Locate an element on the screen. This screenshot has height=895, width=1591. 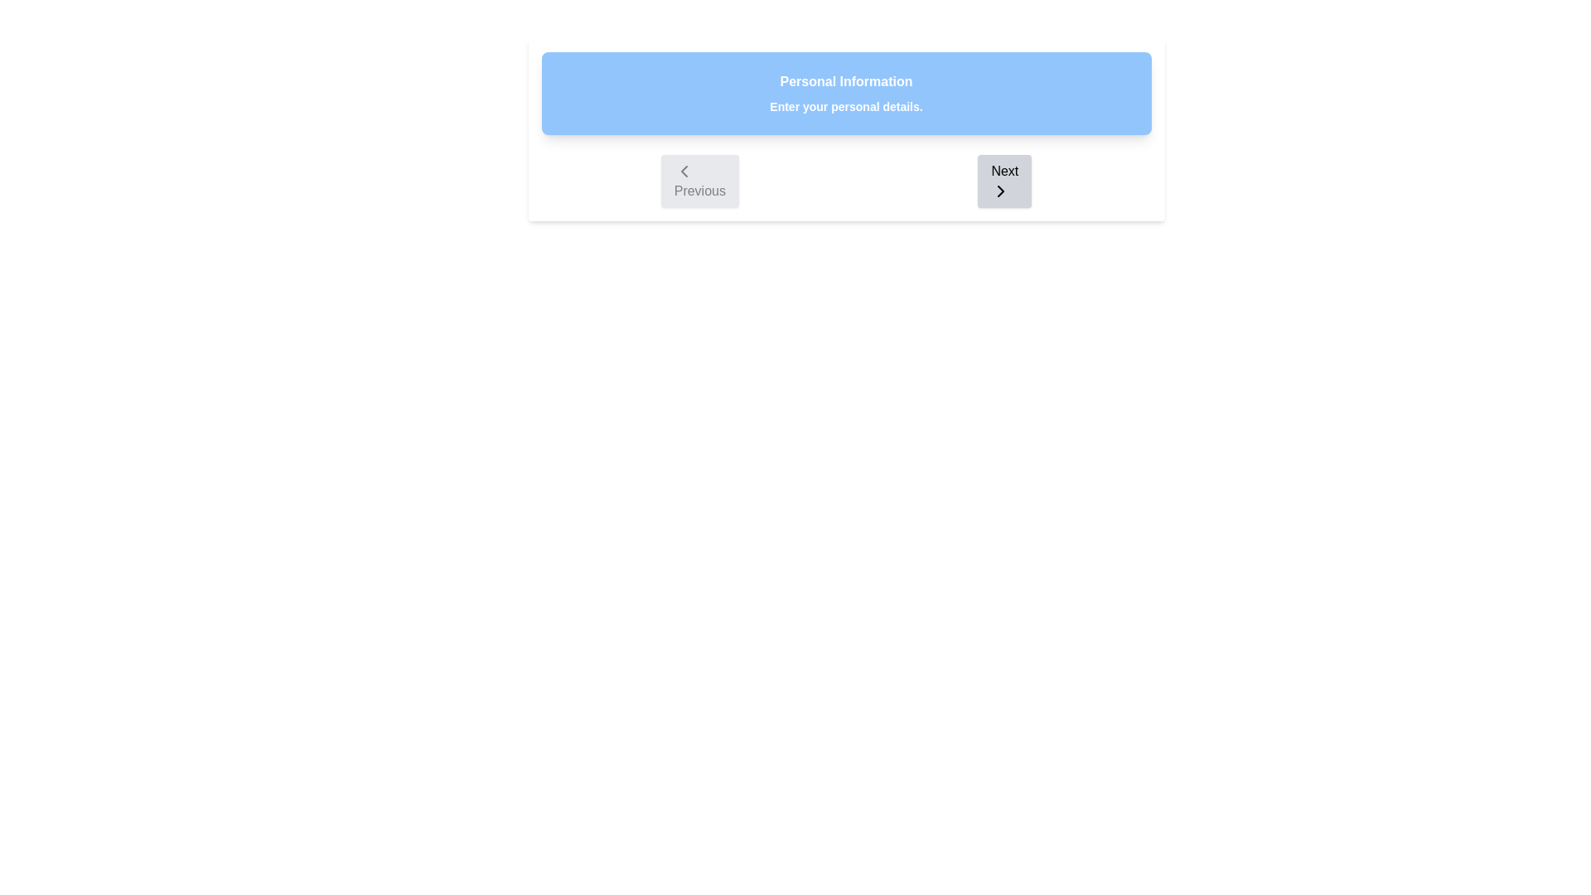
the navigation button for proceeding to the next step located near the bottom of the blue section labeled 'Personal Information' is located at coordinates (1003, 181).